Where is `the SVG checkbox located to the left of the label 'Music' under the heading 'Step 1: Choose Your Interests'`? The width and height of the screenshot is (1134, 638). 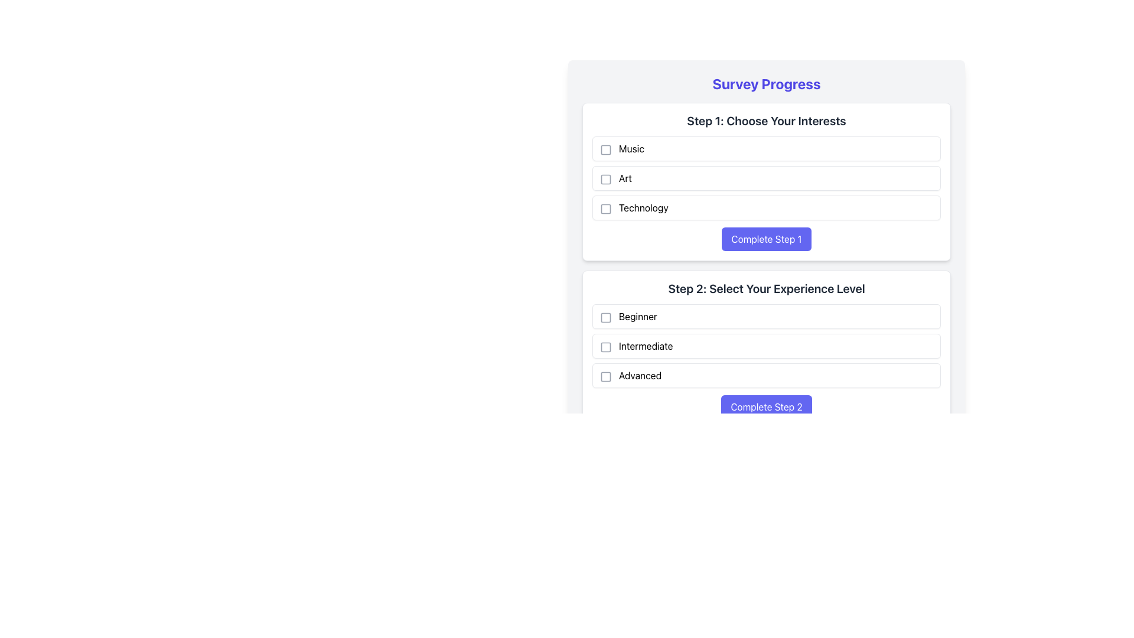 the SVG checkbox located to the left of the label 'Music' under the heading 'Step 1: Choose Your Interests' is located at coordinates (606, 149).